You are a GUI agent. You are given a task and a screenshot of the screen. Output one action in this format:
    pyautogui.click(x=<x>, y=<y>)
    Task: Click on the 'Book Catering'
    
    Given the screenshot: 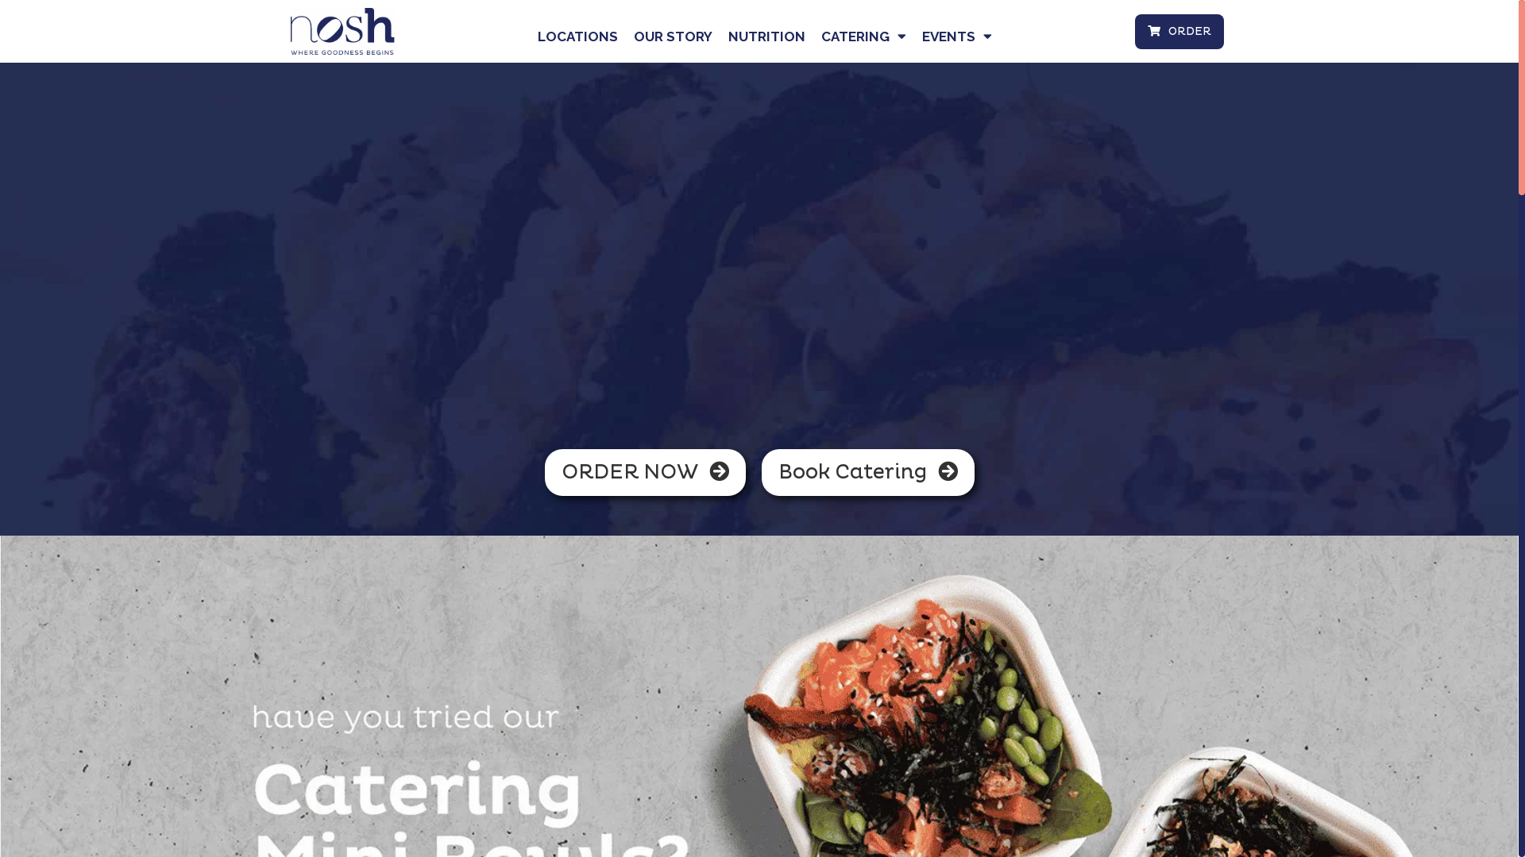 What is the action you would take?
    pyautogui.click(x=866, y=472)
    